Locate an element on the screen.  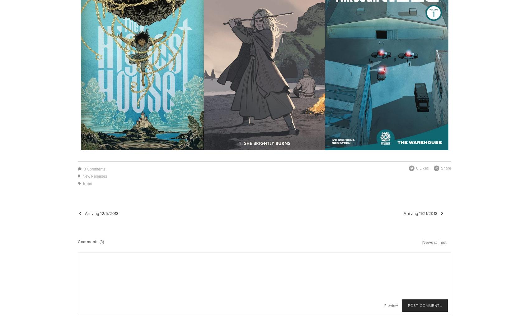
'Arriving 12/5/2018' is located at coordinates (101, 213).